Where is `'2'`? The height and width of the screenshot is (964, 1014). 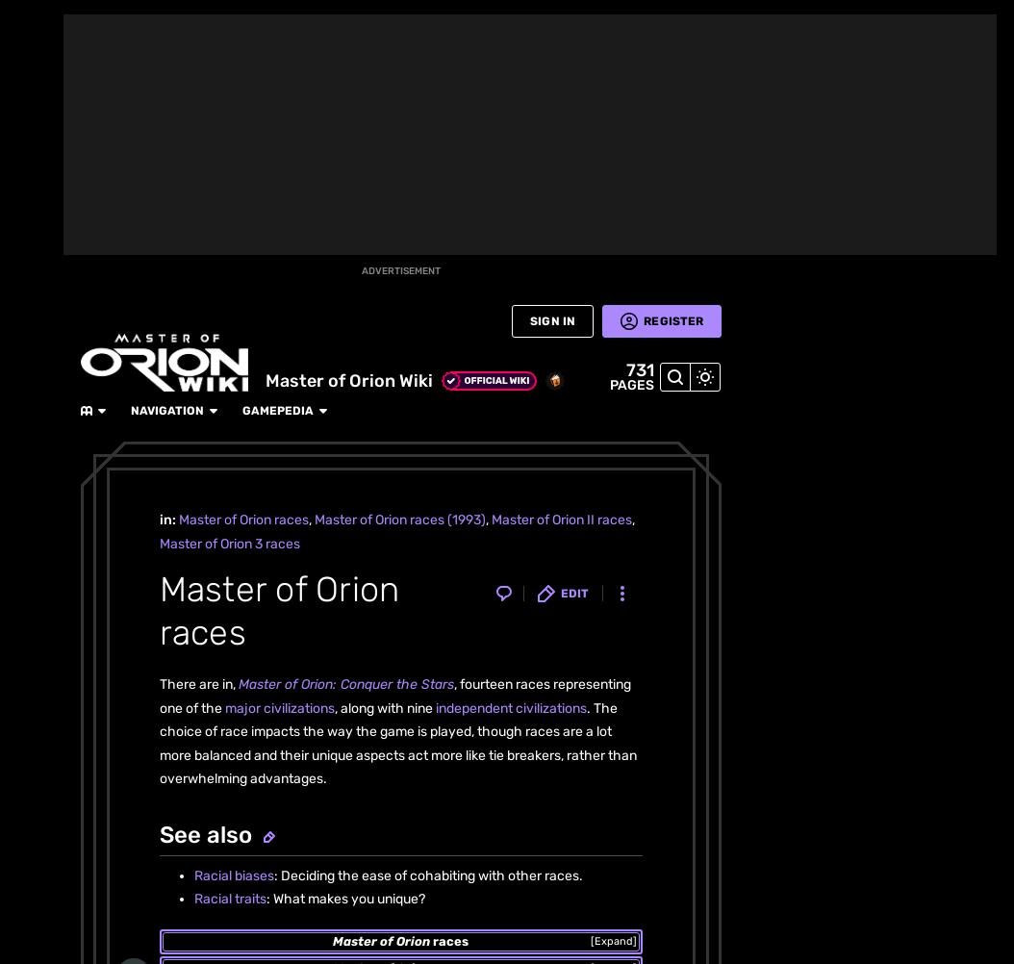
'2' is located at coordinates (144, 307).